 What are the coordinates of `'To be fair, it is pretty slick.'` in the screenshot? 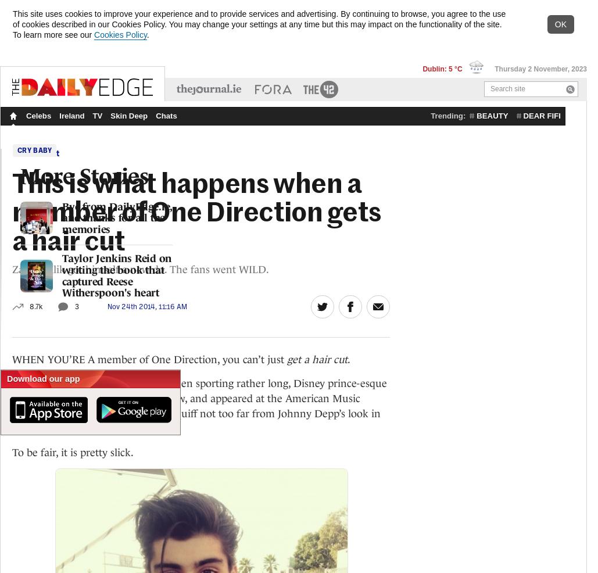 It's located at (12, 451).